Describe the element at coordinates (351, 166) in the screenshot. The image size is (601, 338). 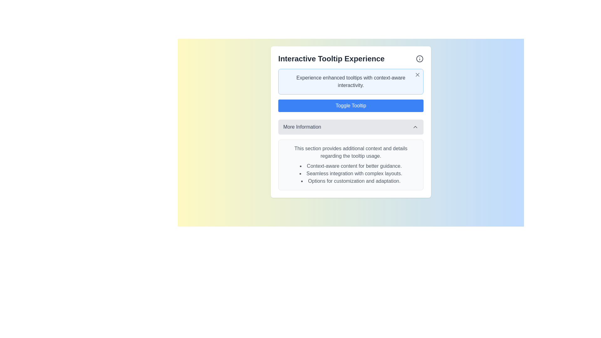
I see `the first list item reading 'Context-aware content for better guidance.' which is part of the 'More Information' section` at that location.